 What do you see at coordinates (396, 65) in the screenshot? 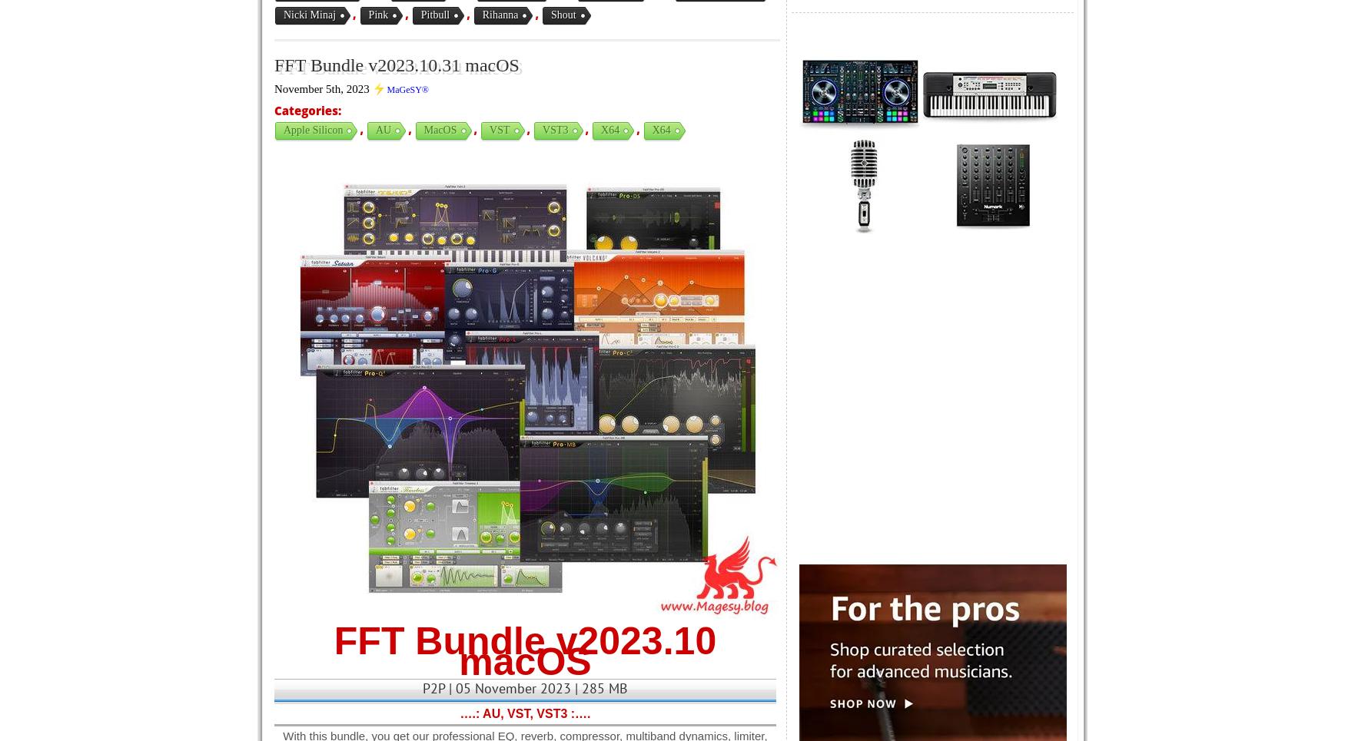
I see `'FFT Bundle v2023.10.31 macOS'` at bounding box center [396, 65].